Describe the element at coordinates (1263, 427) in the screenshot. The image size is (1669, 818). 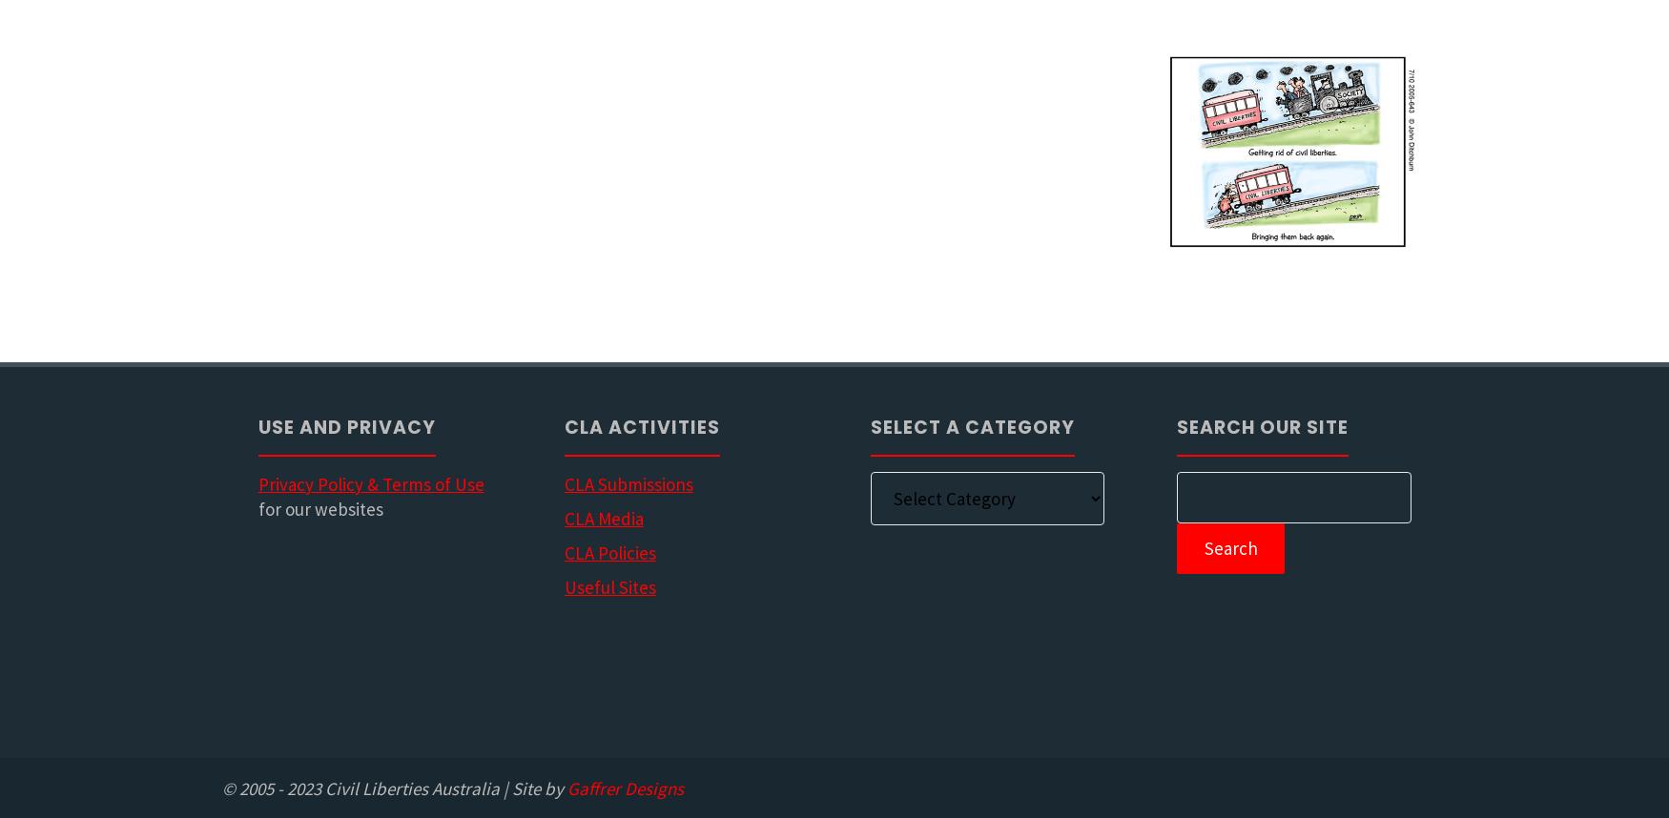
I see `'Search our site'` at that location.